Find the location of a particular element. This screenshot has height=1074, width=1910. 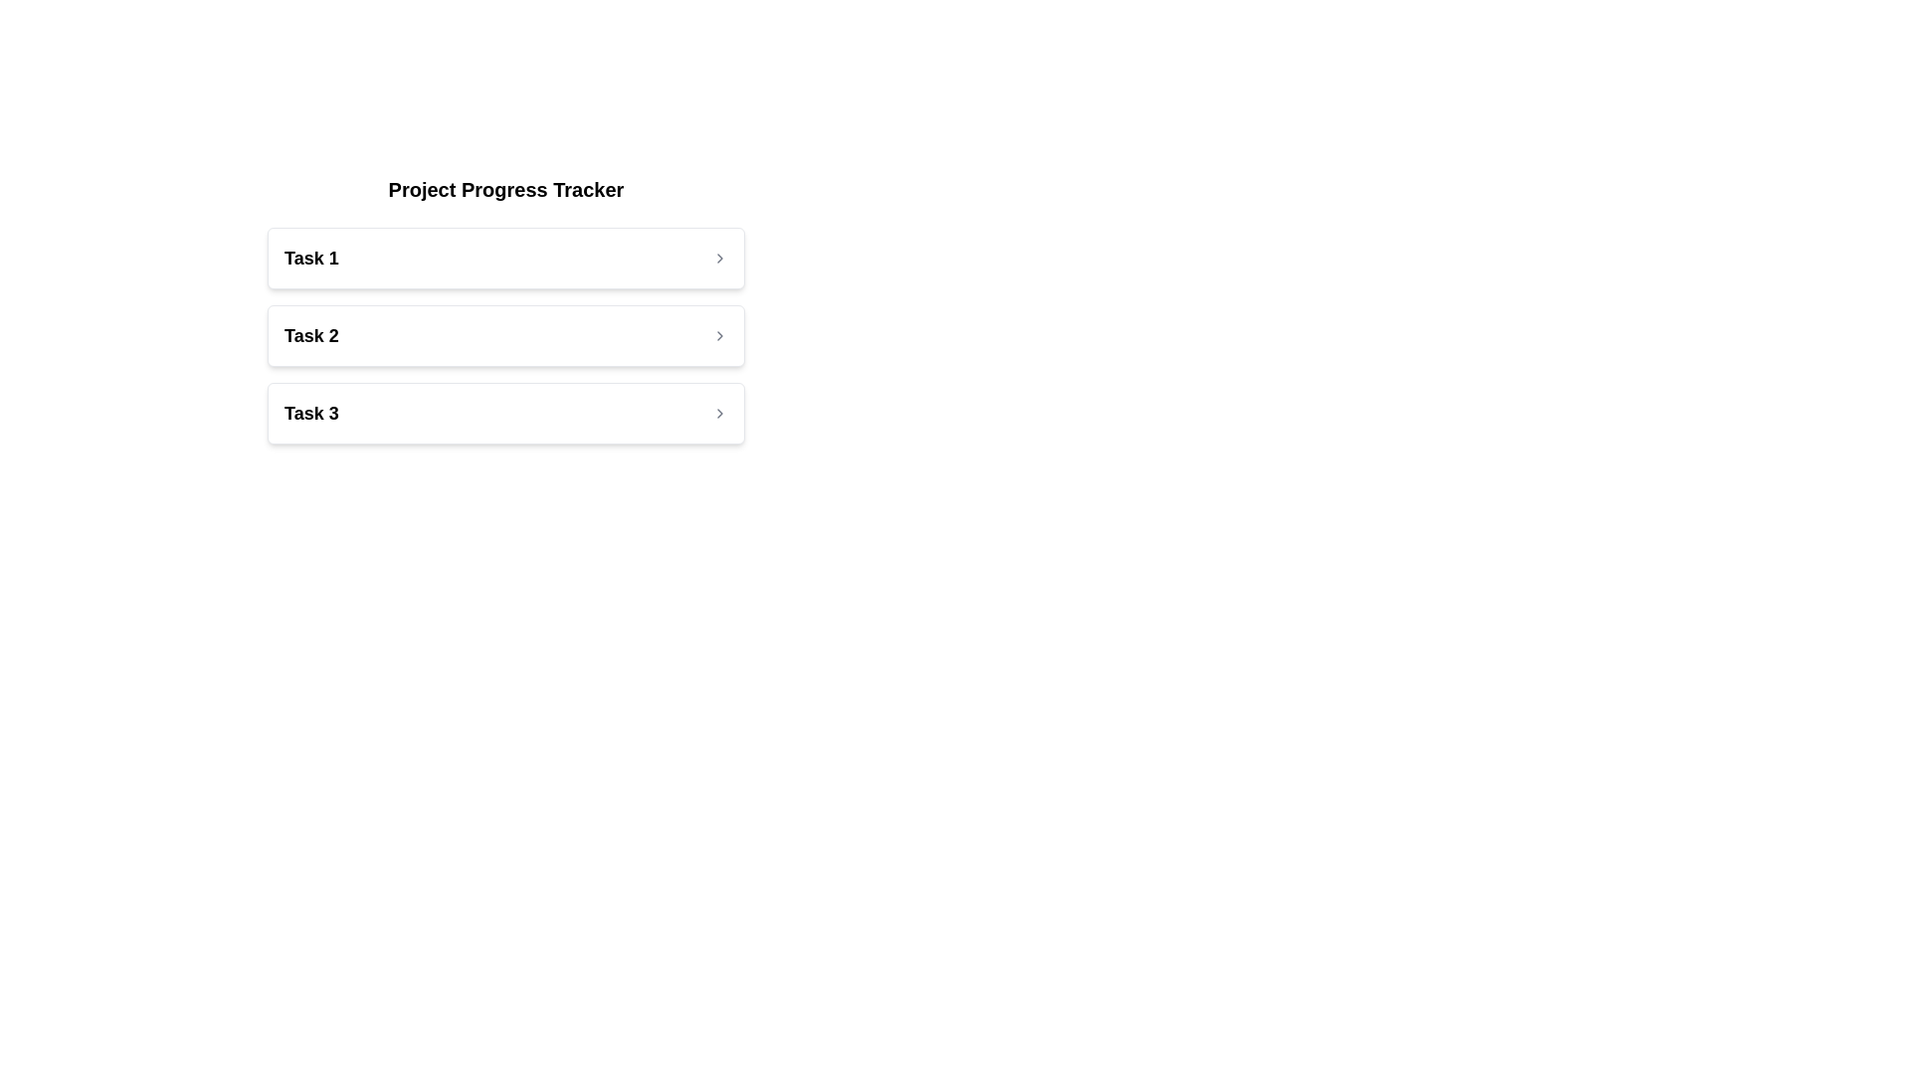

on the card labeled 'Task 2' which is the second card in the vertical list of task cards under 'Project Progress Tracker' is located at coordinates (505, 310).